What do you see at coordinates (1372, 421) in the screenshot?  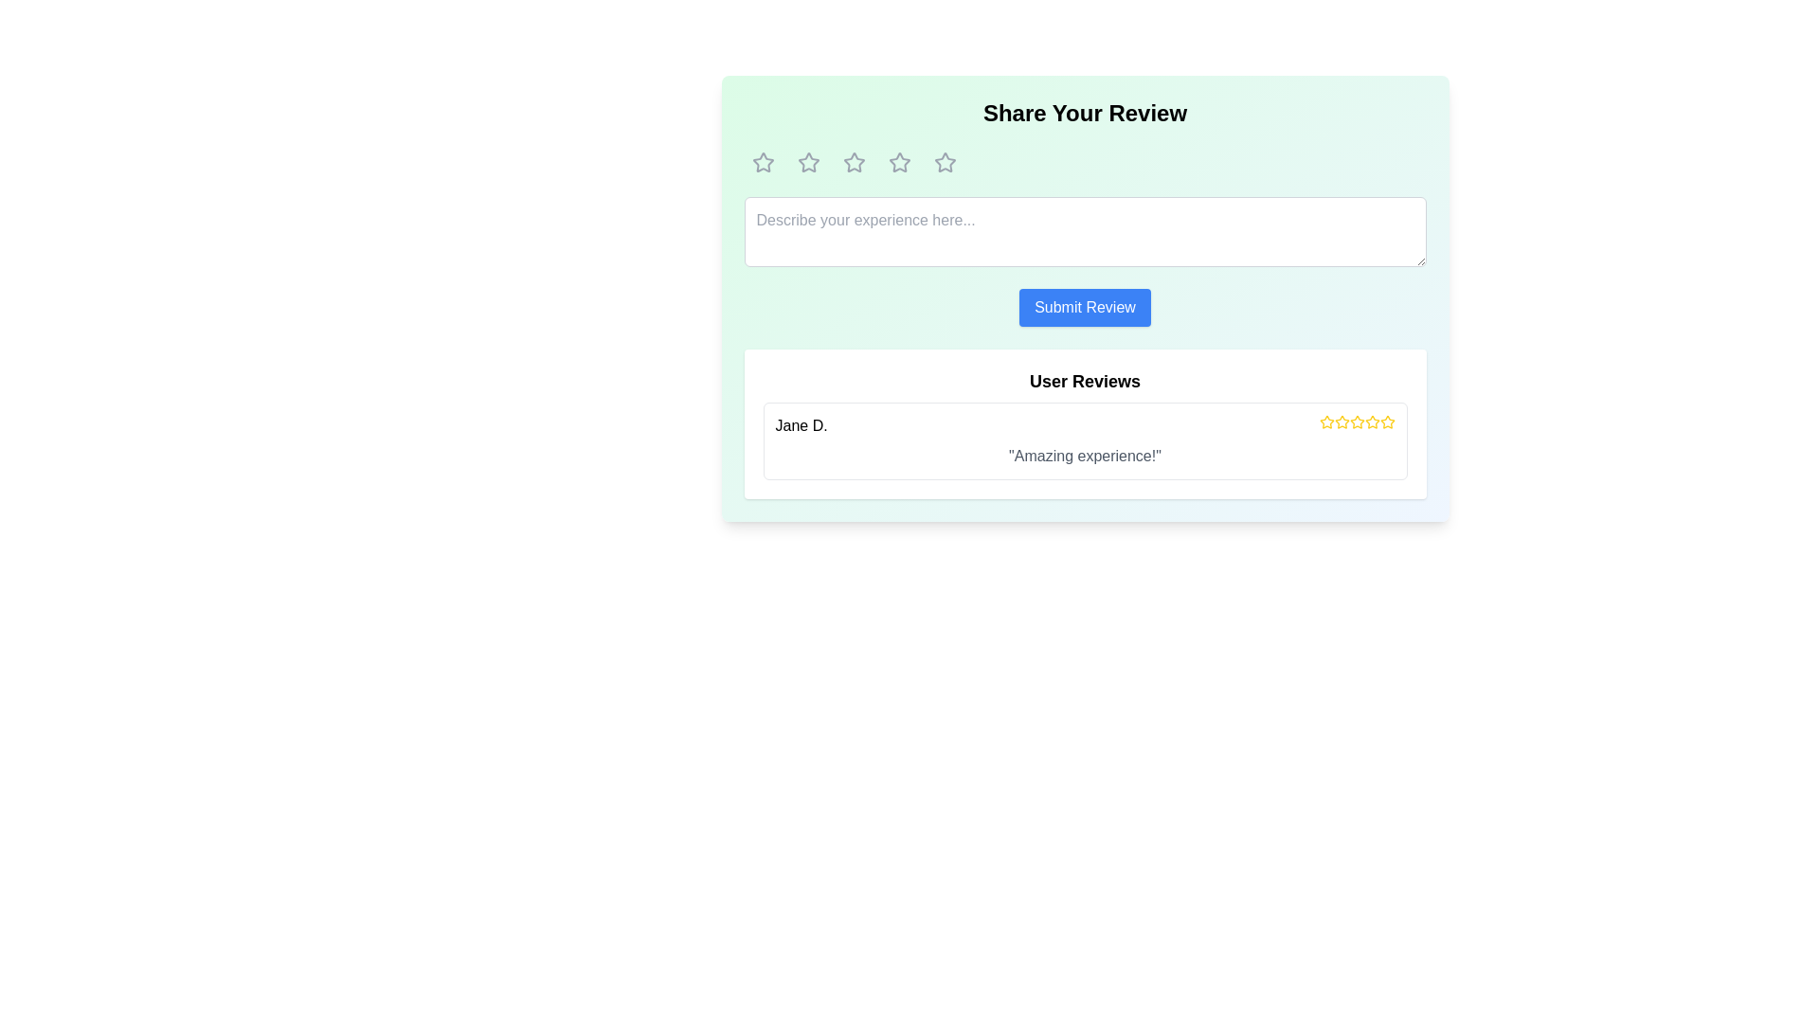 I see `the yellow star icon, which is the fourth star in the rating system under the 'Jane D.' user review section` at bounding box center [1372, 421].